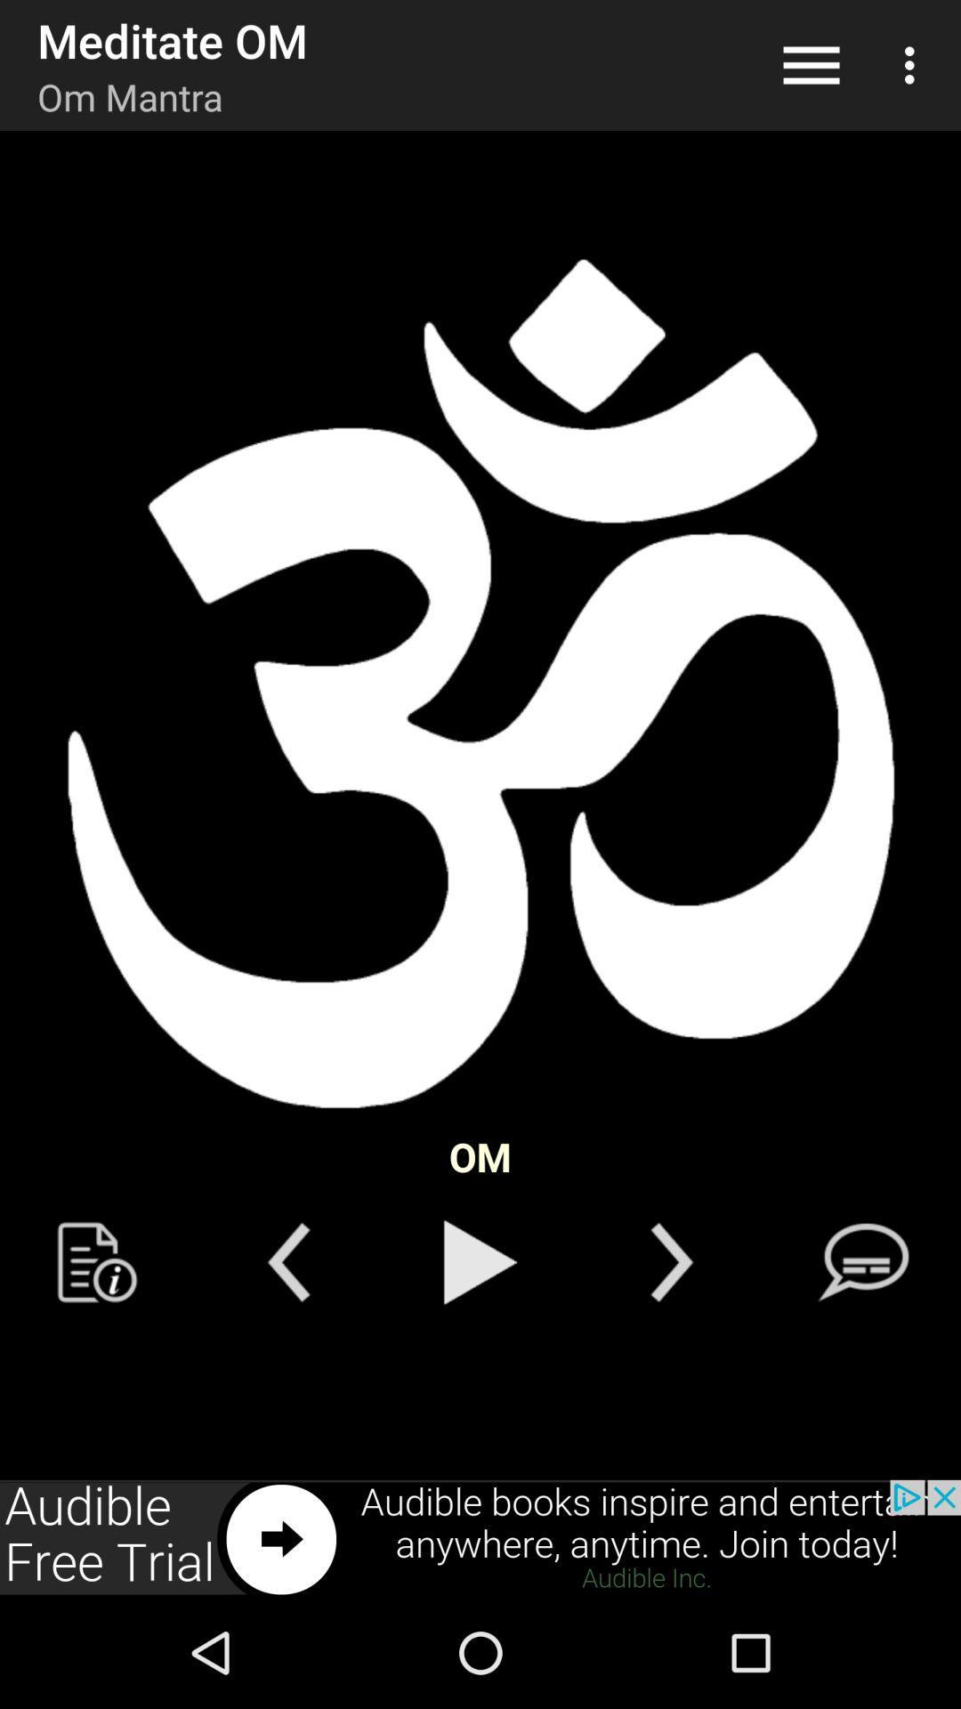 The width and height of the screenshot is (961, 1709). What do you see at coordinates (480, 1537) in the screenshot?
I see `next` at bounding box center [480, 1537].